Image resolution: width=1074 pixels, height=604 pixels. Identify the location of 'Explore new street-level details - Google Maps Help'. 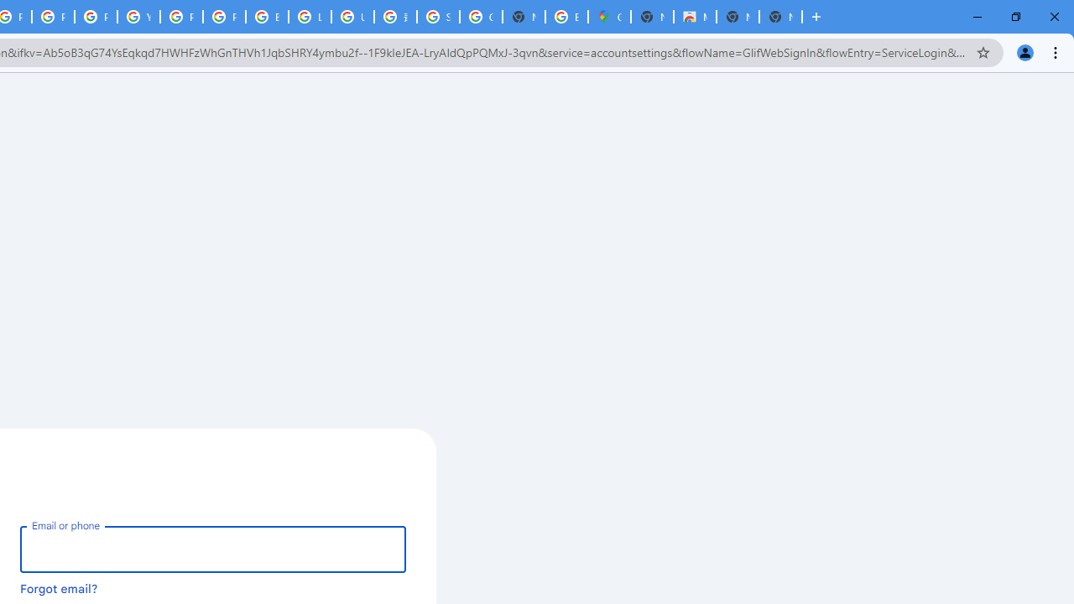
(566, 17).